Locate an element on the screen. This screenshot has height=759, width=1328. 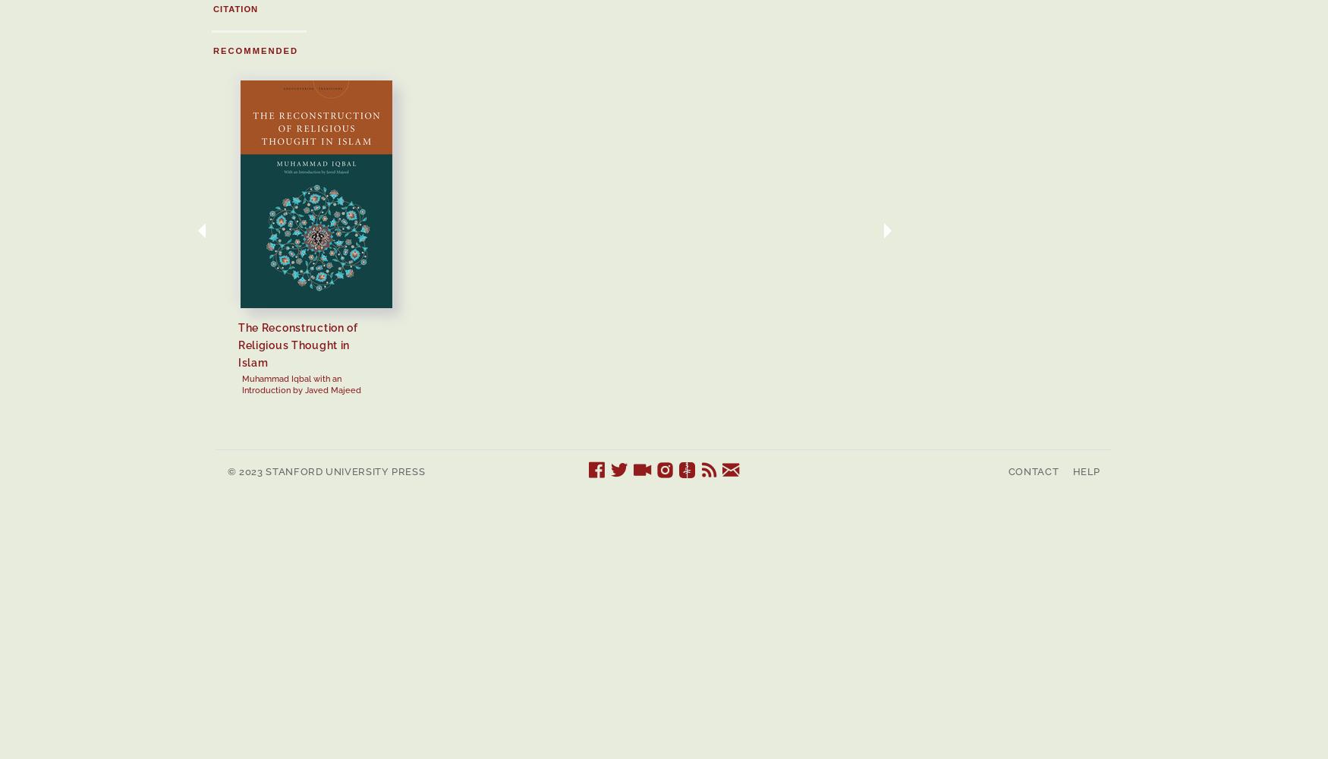
'Shari’a' is located at coordinates (1305, 327).